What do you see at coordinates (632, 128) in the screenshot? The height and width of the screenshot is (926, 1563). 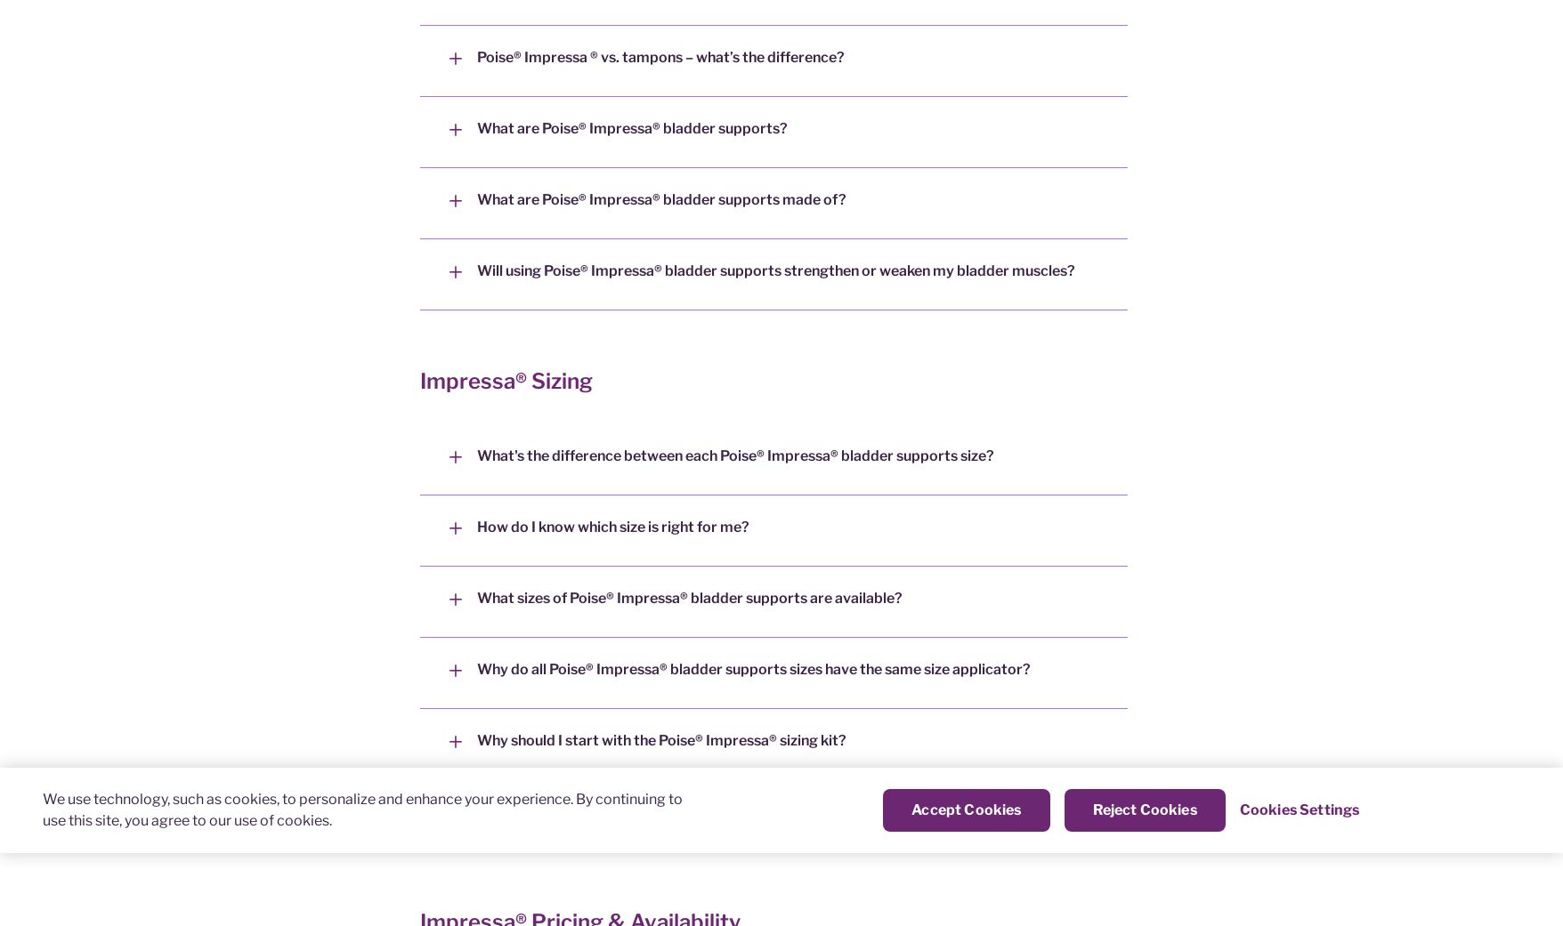 I see `'What are Poise® Impressa® bladder supports?'` at bounding box center [632, 128].